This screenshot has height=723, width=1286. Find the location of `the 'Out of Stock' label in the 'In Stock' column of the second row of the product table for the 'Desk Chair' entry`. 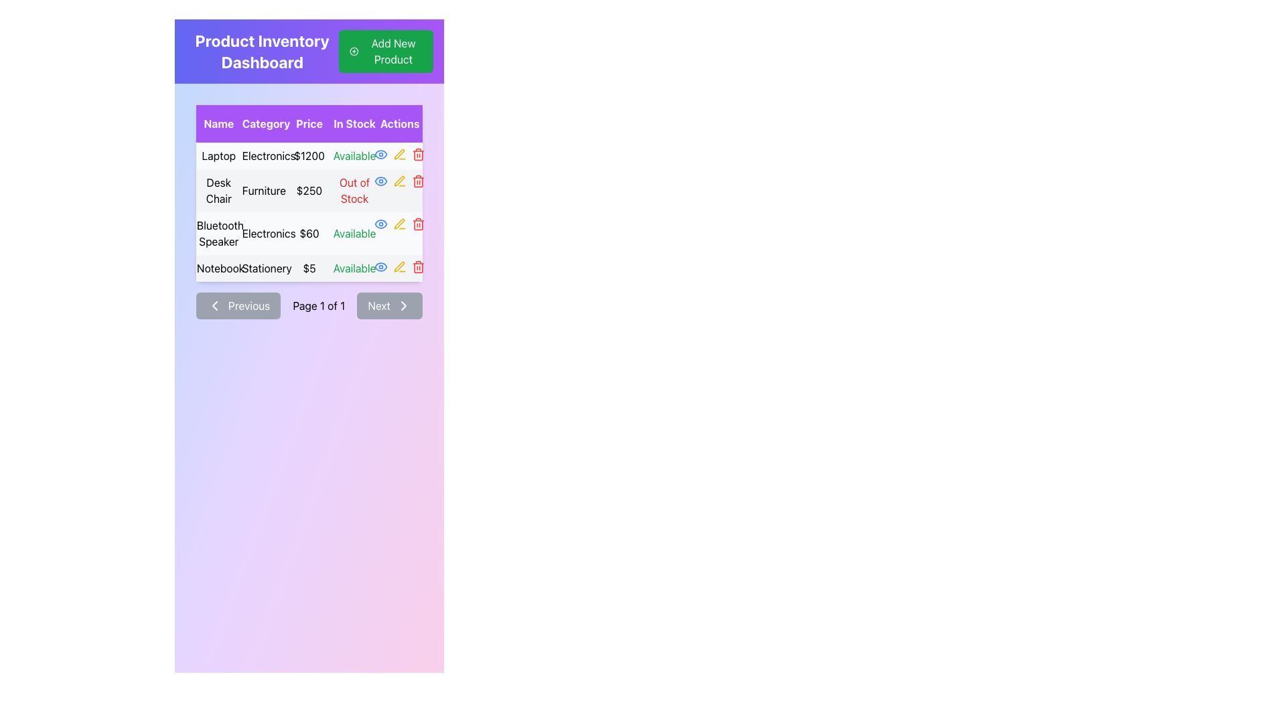

the 'Out of Stock' label in the 'In Stock' column of the second row of the product table for the 'Desk Chair' entry is located at coordinates (354, 191).